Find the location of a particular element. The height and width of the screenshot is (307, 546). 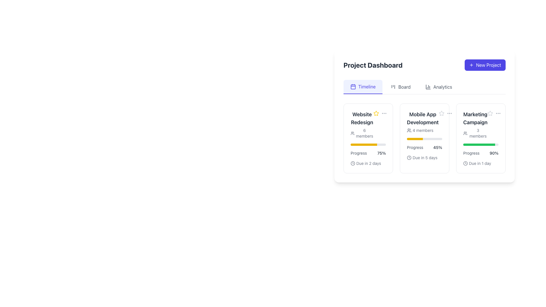

the textual display indicating the completion percentage of the task 'Mobile App Development', which shows '45%' is located at coordinates (437, 147).